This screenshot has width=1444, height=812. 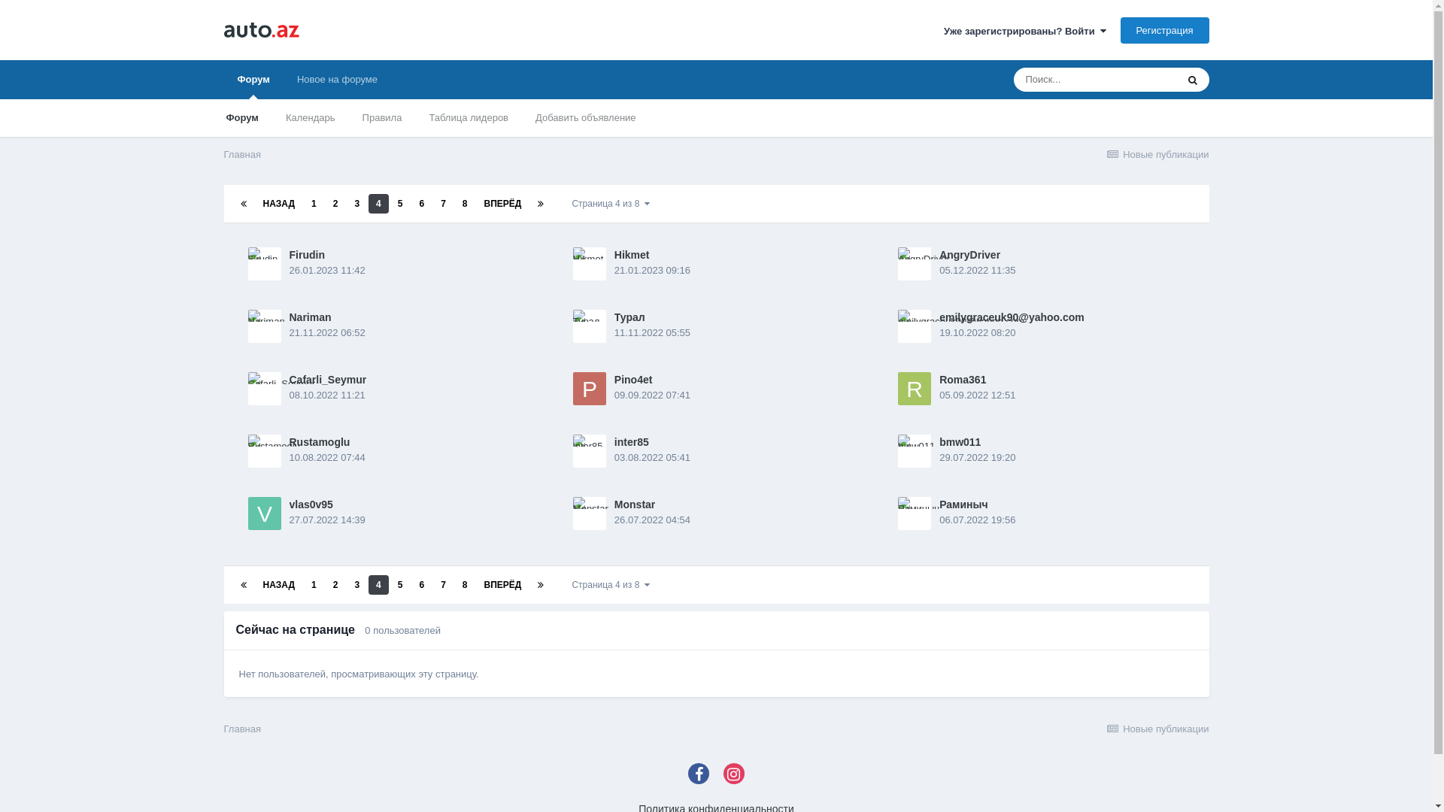 I want to click on '1', so click(x=313, y=583).